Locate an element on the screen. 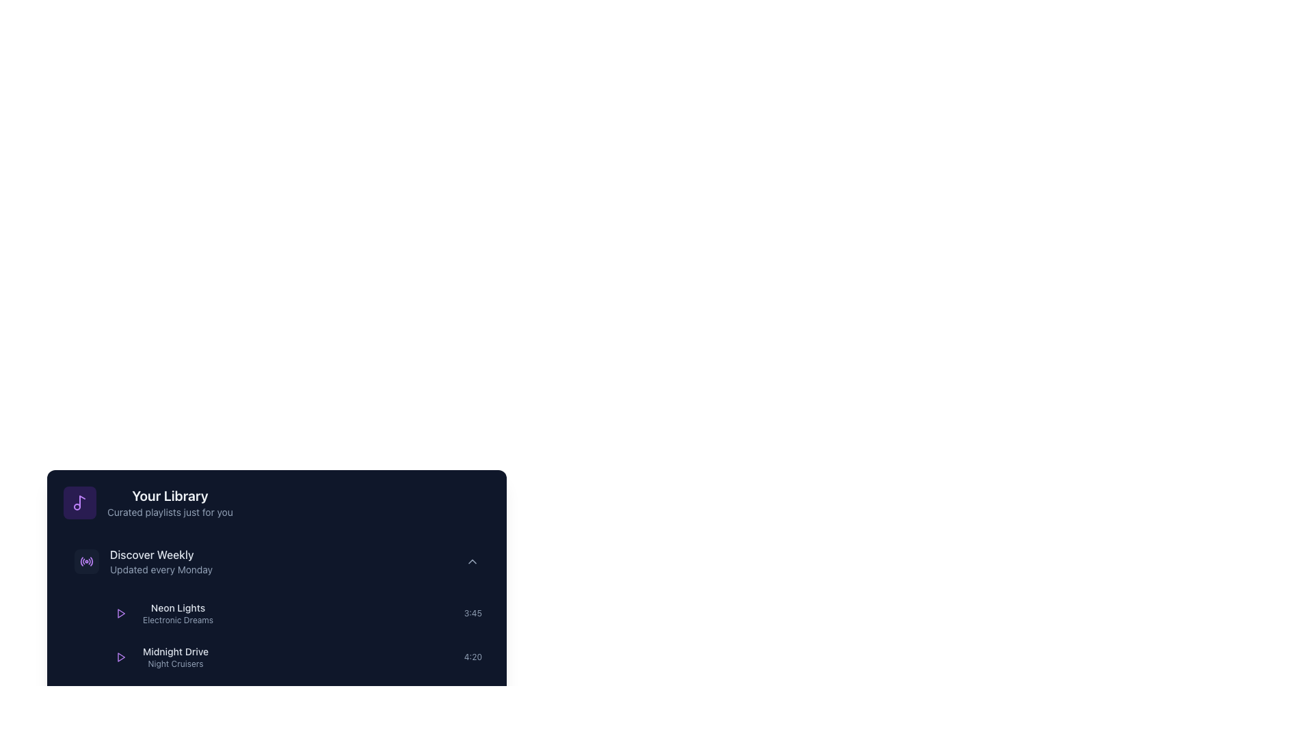  the text label that says 'Curated playlists just for you', which is positioned directly below the larger 'Your Library' text in a light gray color is located at coordinates (169, 512).